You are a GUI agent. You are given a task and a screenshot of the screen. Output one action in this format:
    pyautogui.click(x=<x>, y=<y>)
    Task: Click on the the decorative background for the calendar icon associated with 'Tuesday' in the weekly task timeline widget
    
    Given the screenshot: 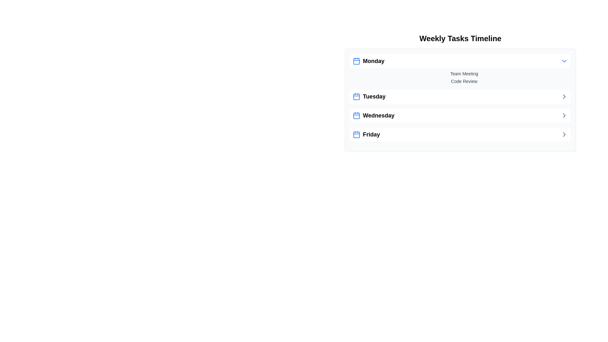 What is the action you would take?
    pyautogui.click(x=357, y=97)
    